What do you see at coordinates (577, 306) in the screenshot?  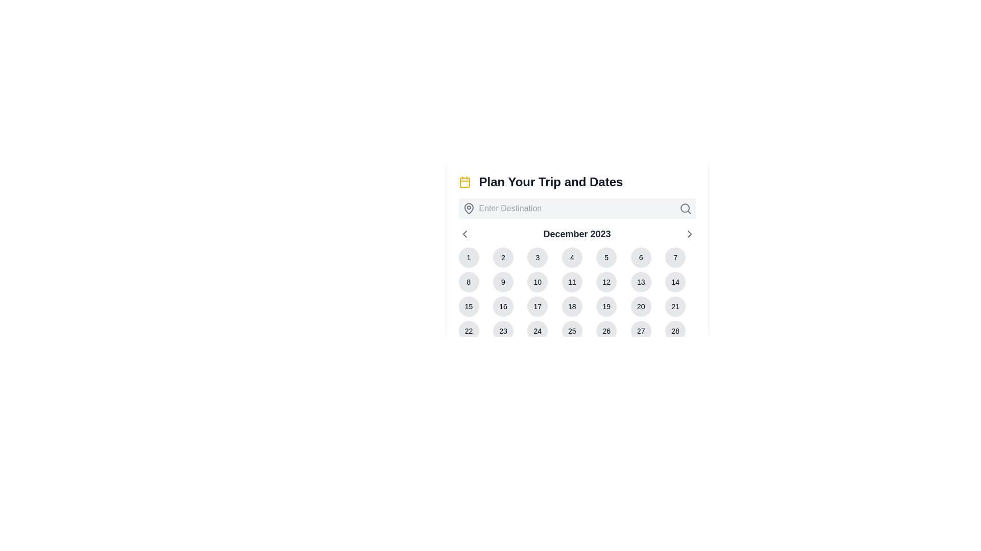 I see `the grid layout containing clickable day cells for the December 2023 calendar` at bounding box center [577, 306].